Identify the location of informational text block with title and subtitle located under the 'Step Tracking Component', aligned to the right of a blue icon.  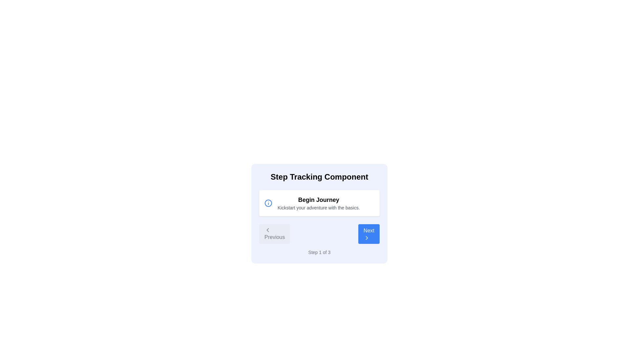
(319, 203).